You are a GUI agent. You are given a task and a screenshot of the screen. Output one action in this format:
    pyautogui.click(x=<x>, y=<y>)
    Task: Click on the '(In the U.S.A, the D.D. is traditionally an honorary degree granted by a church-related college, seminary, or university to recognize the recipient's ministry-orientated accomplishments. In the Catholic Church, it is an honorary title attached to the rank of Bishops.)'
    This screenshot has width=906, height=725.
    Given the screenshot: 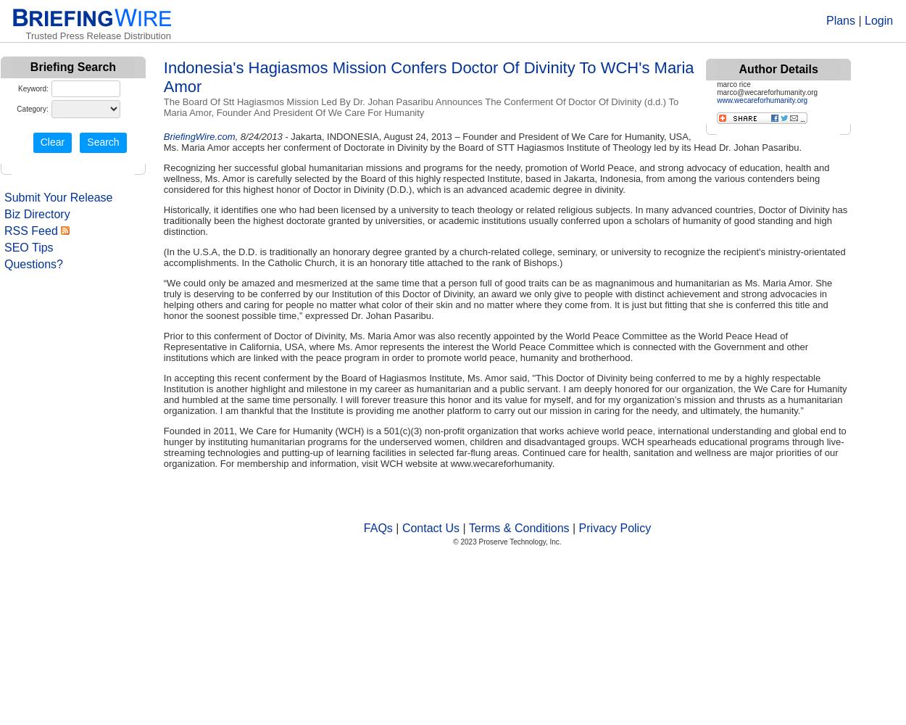 What is the action you would take?
    pyautogui.click(x=162, y=257)
    